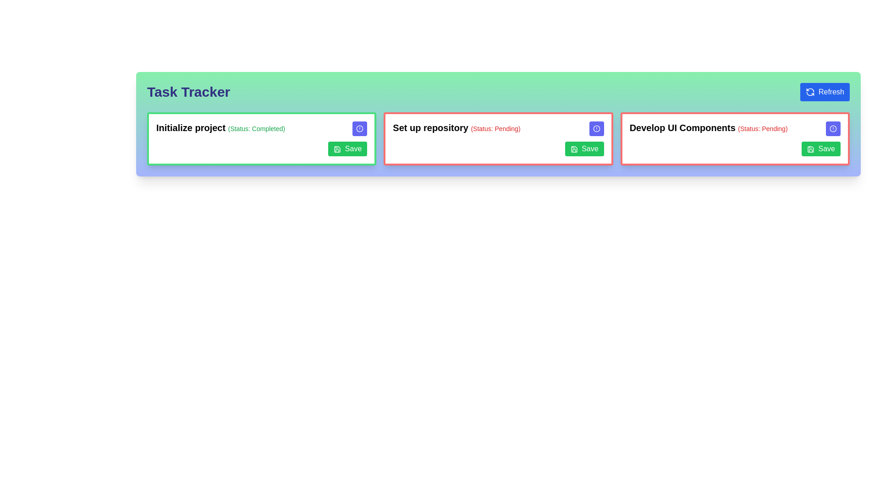 Image resolution: width=880 pixels, height=495 pixels. What do you see at coordinates (573, 148) in the screenshot?
I see `the save button icon, which is part of a green button labeled 'Save' located in the second task card titled 'Set up repository (Status: Pending)'` at bounding box center [573, 148].